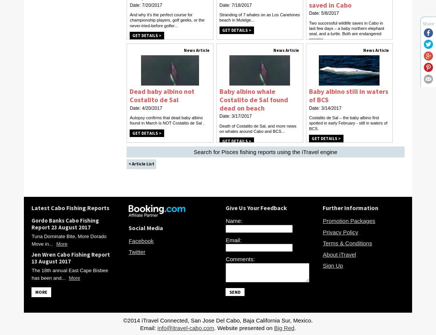 This screenshot has height=335, width=436. Describe the element at coordinates (322, 254) in the screenshot. I see `'About iTravel'` at that location.